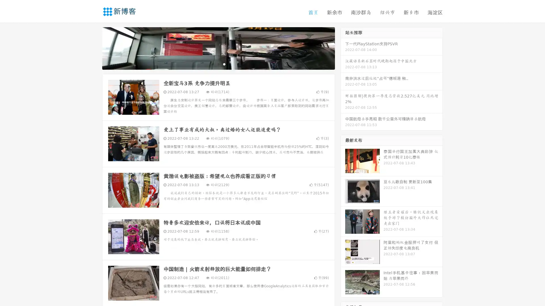 The image size is (545, 306). What do you see at coordinates (212, 64) in the screenshot?
I see `Go to slide 1` at bounding box center [212, 64].